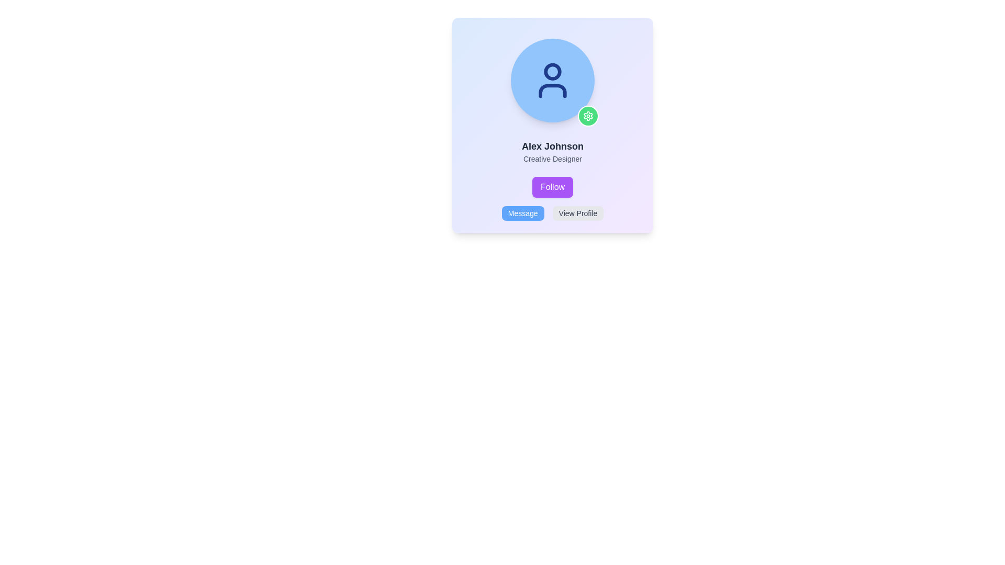 This screenshot has width=1005, height=565. Describe the element at coordinates (577, 213) in the screenshot. I see `the second button in the horizontal row at the bottom of the user card, which navigates to the user's profile view` at that location.